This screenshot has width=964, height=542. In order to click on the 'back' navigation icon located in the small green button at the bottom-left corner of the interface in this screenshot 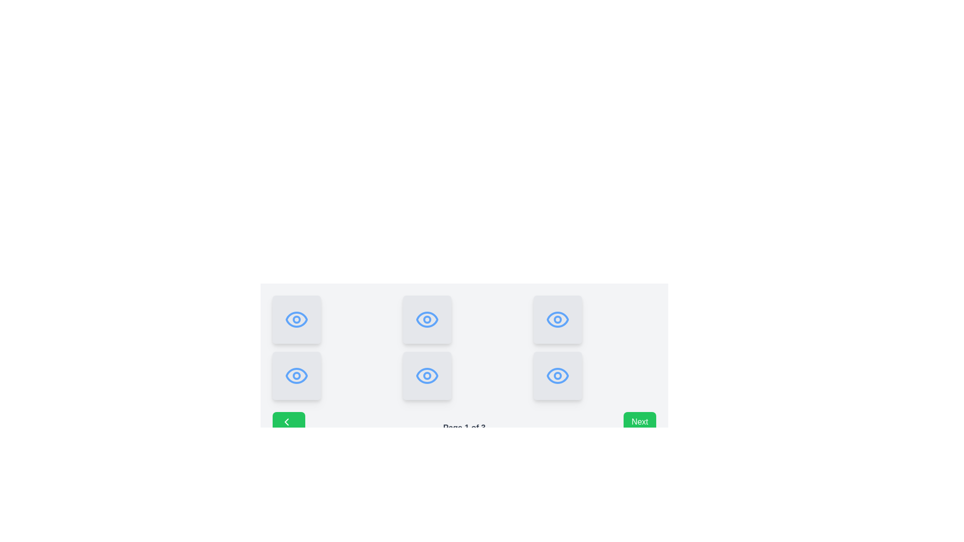, I will do `click(286, 422)`.